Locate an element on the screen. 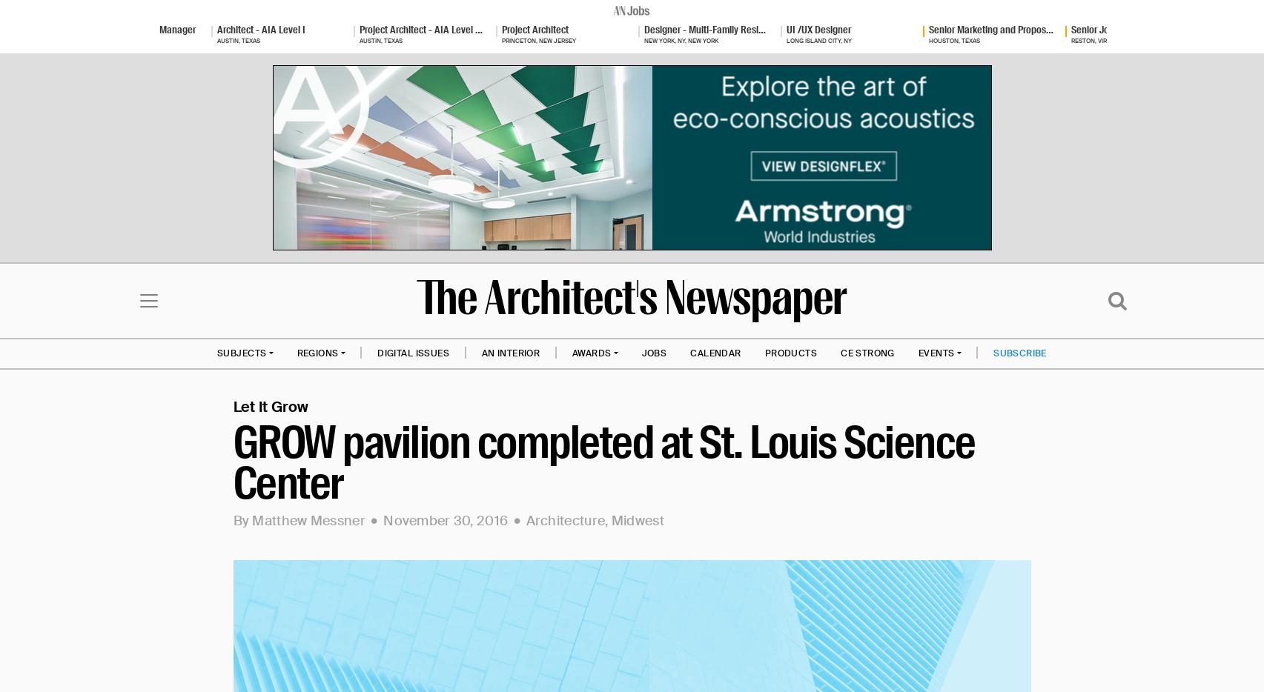 The height and width of the screenshot is (692, 1264). 'Midwest' is located at coordinates (636, 521).